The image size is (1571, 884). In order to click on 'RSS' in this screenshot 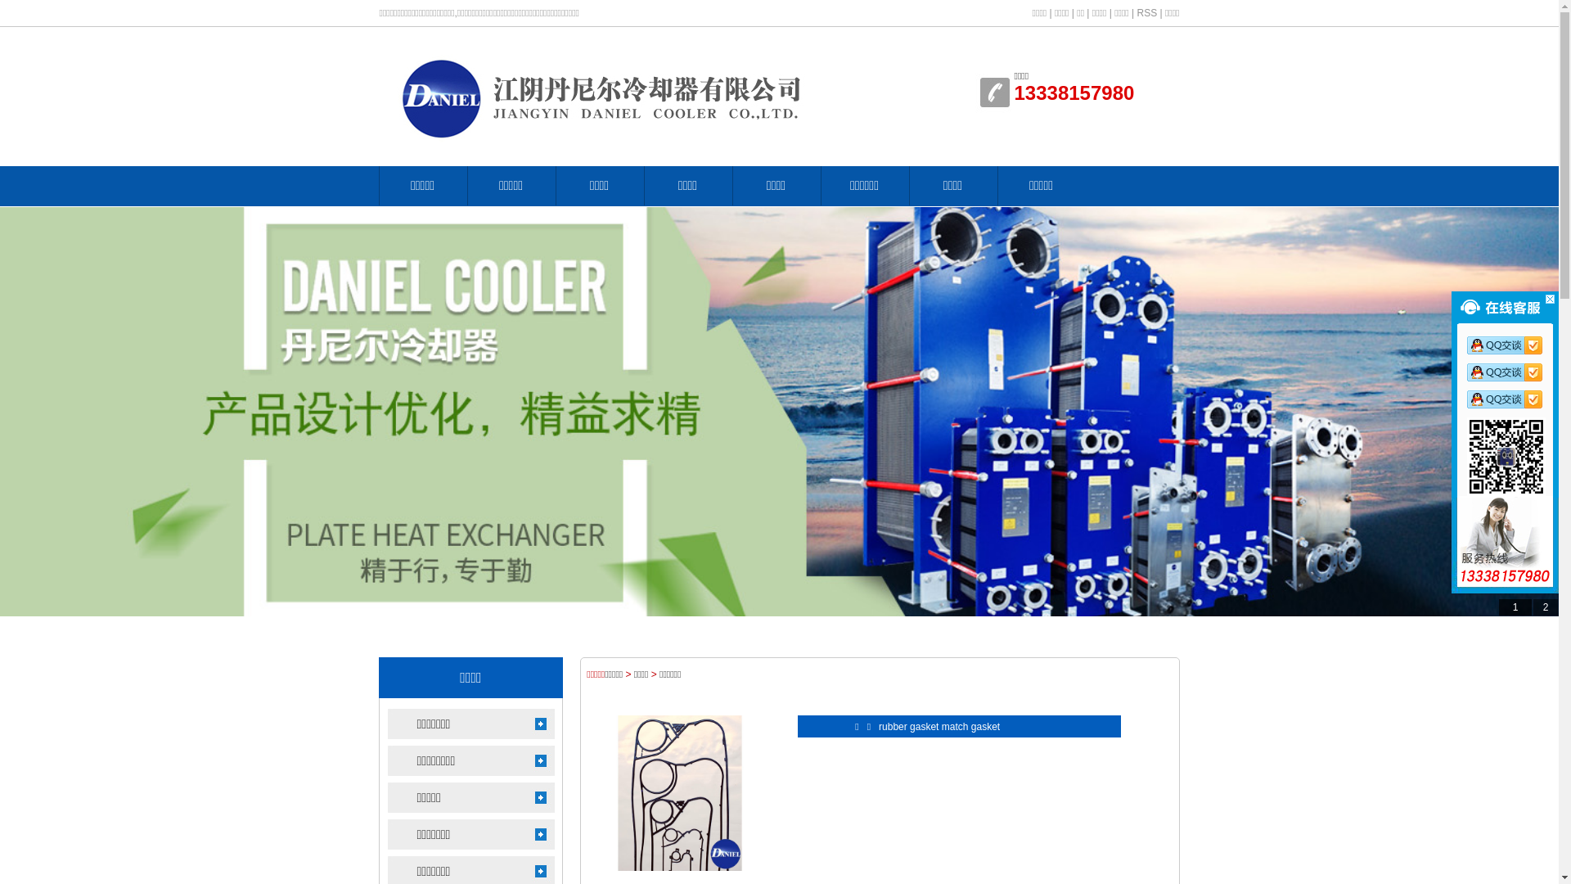, I will do `click(1146, 12)`.